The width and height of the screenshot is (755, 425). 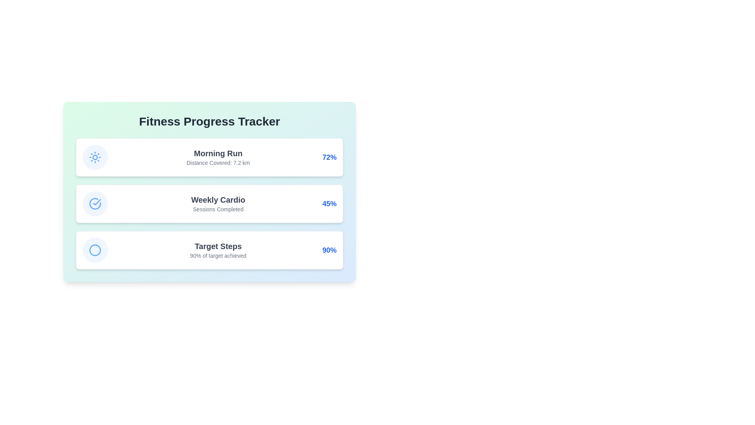 What do you see at coordinates (329, 203) in the screenshot?
I see `the static text displaying '45%' in bold blue font, located in the 'Weekly Cardio' section adjacent to 'Sessions Completed'` at bounding box center [329, 203].